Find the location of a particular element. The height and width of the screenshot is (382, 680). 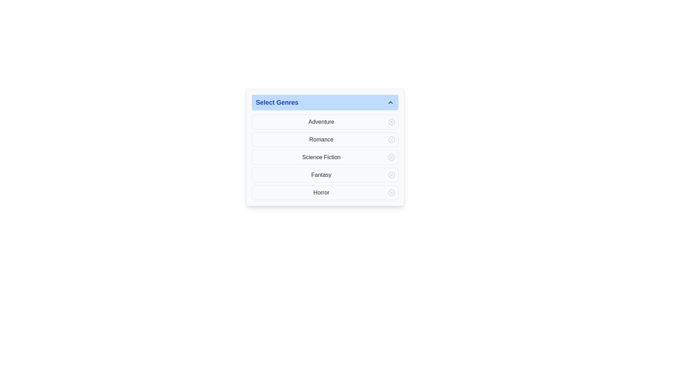

the selectable genre option labeled 'Horror' in the dropdown menu at the bottom of the list is located at coordinates (321, 192).